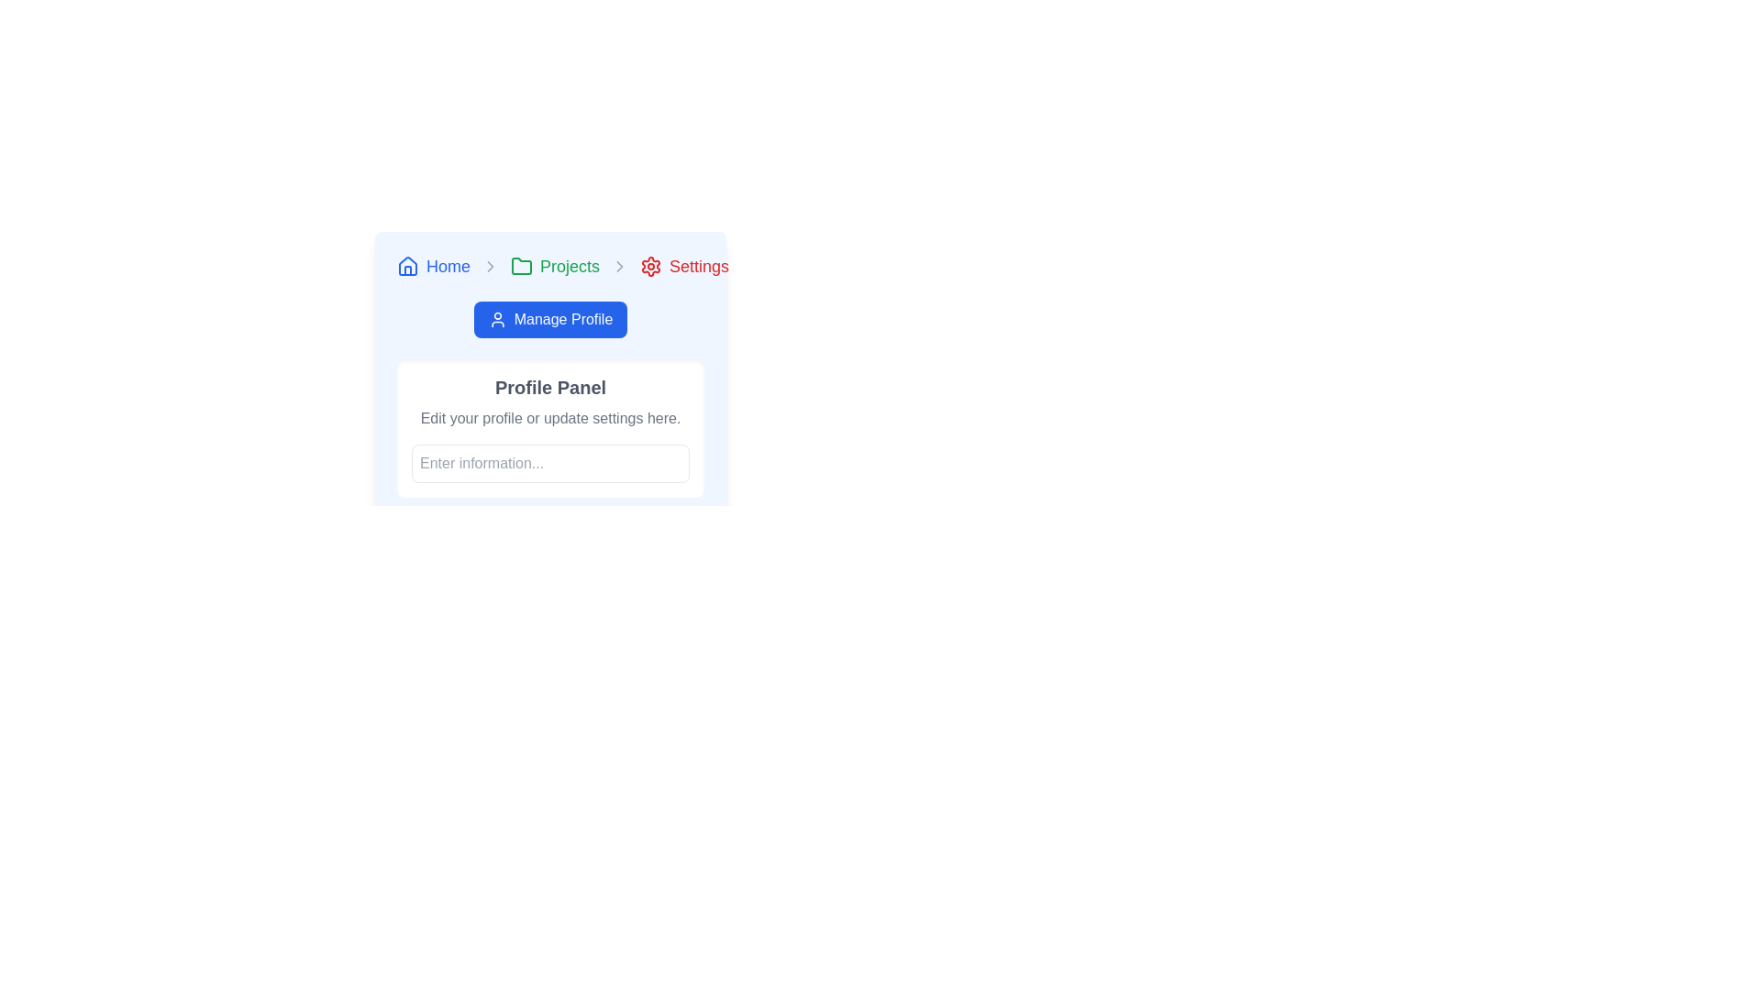  Describe the element at coordinates (569, 266) in the screenshot. I see `the third item in the breadcrumb navigation bar to darken its color` at that location.